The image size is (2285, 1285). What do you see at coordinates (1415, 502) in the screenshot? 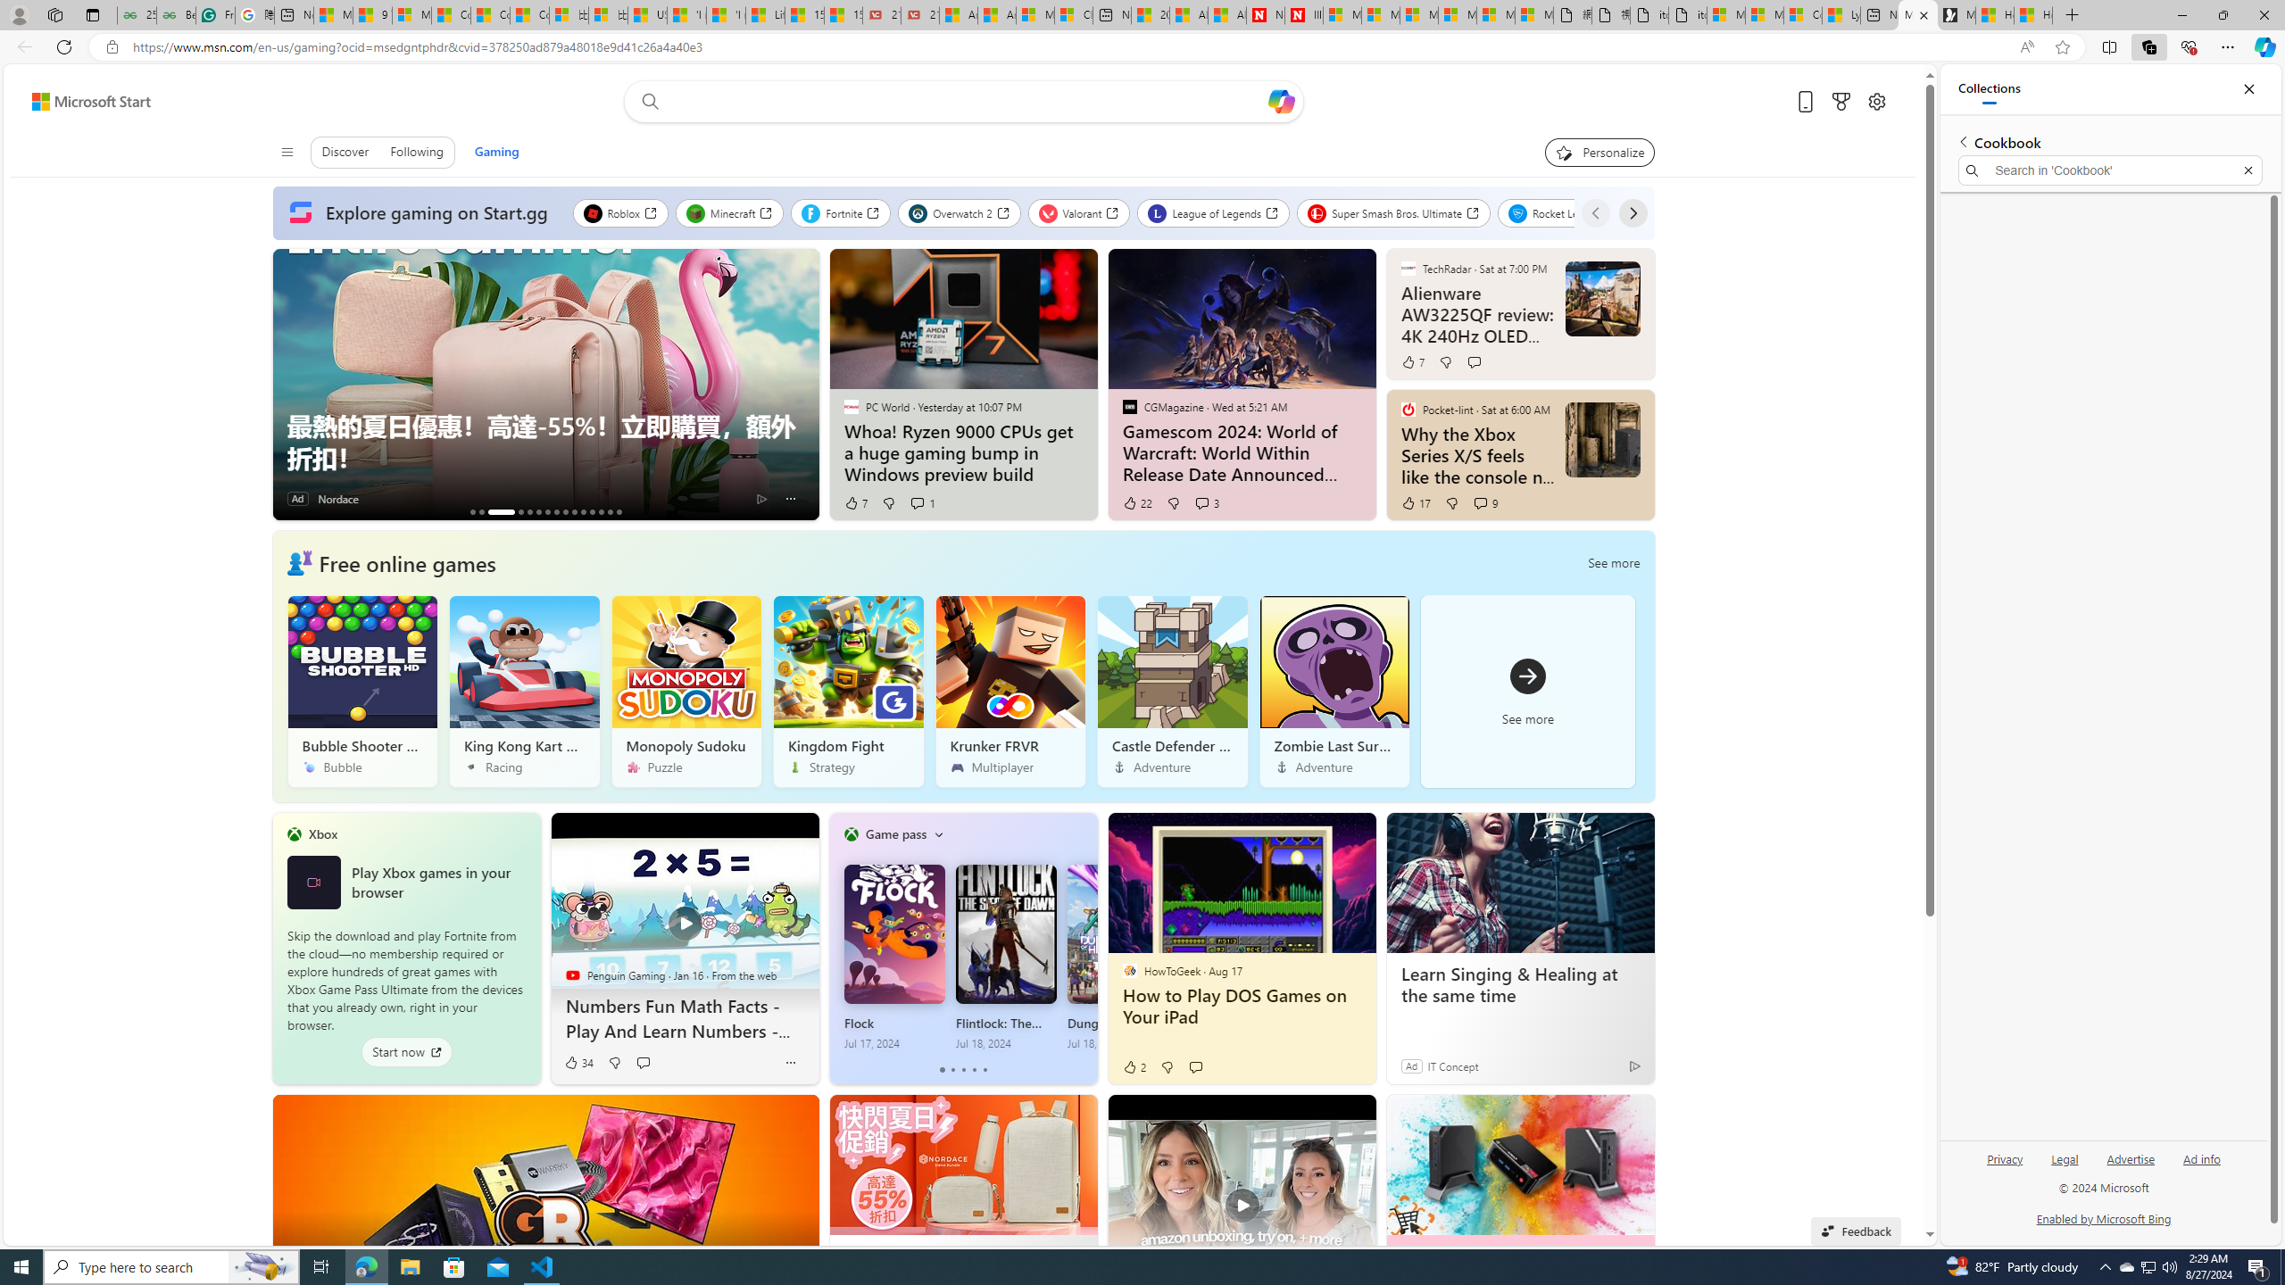
I see `'17 Like'` at bounding box center [1415, 502].